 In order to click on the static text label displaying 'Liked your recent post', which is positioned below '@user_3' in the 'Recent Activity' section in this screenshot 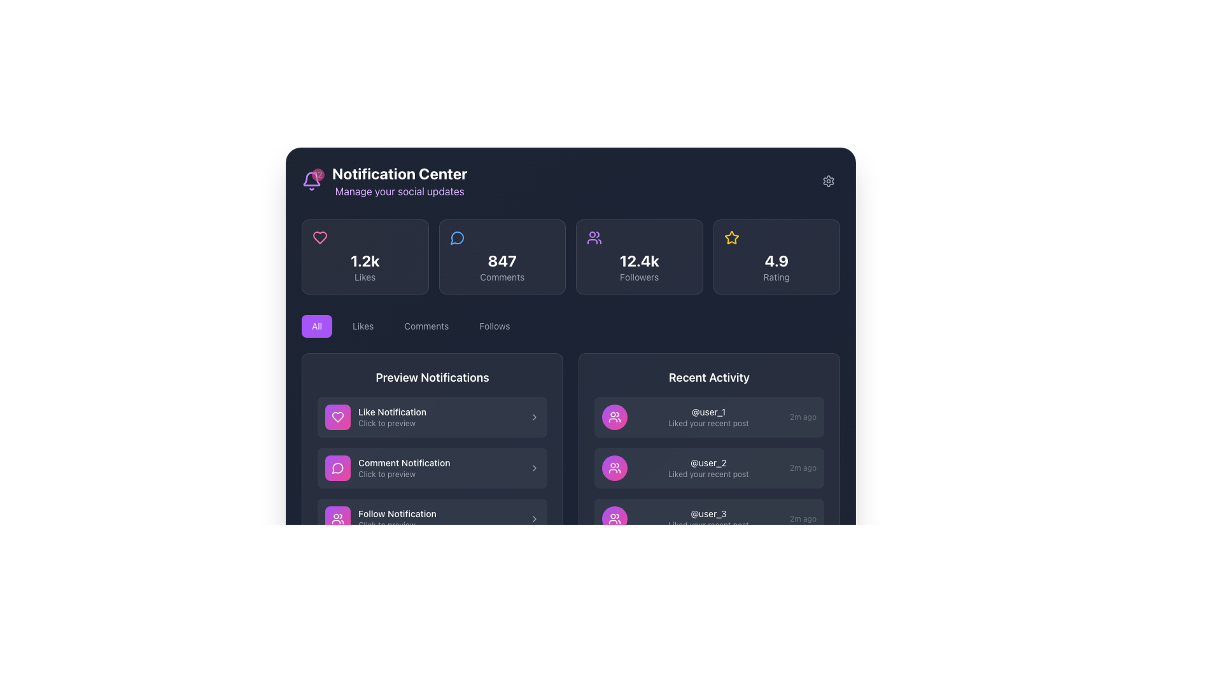, I will do `click(708, 525)`.